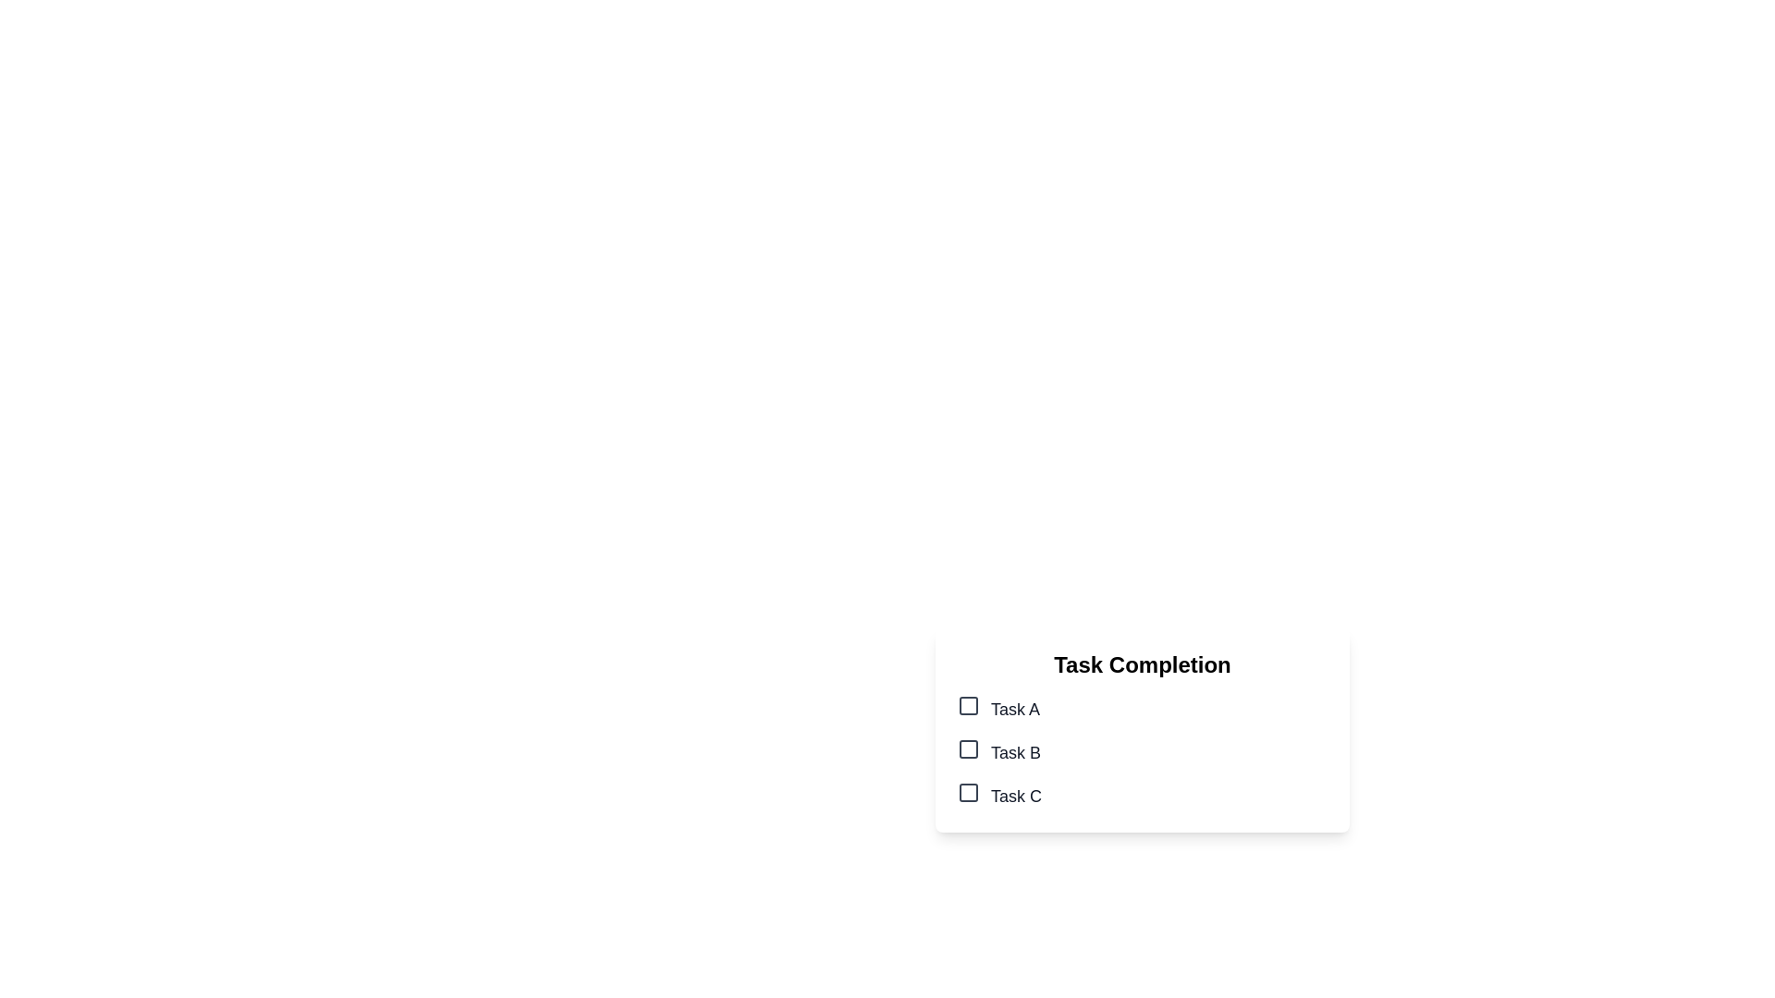  What do you see at coordinates (967, 795) in the screenshot?
I see `the empty checkbox located to the left of the label 'Task C' to check it` at bounding box center [967, 795].